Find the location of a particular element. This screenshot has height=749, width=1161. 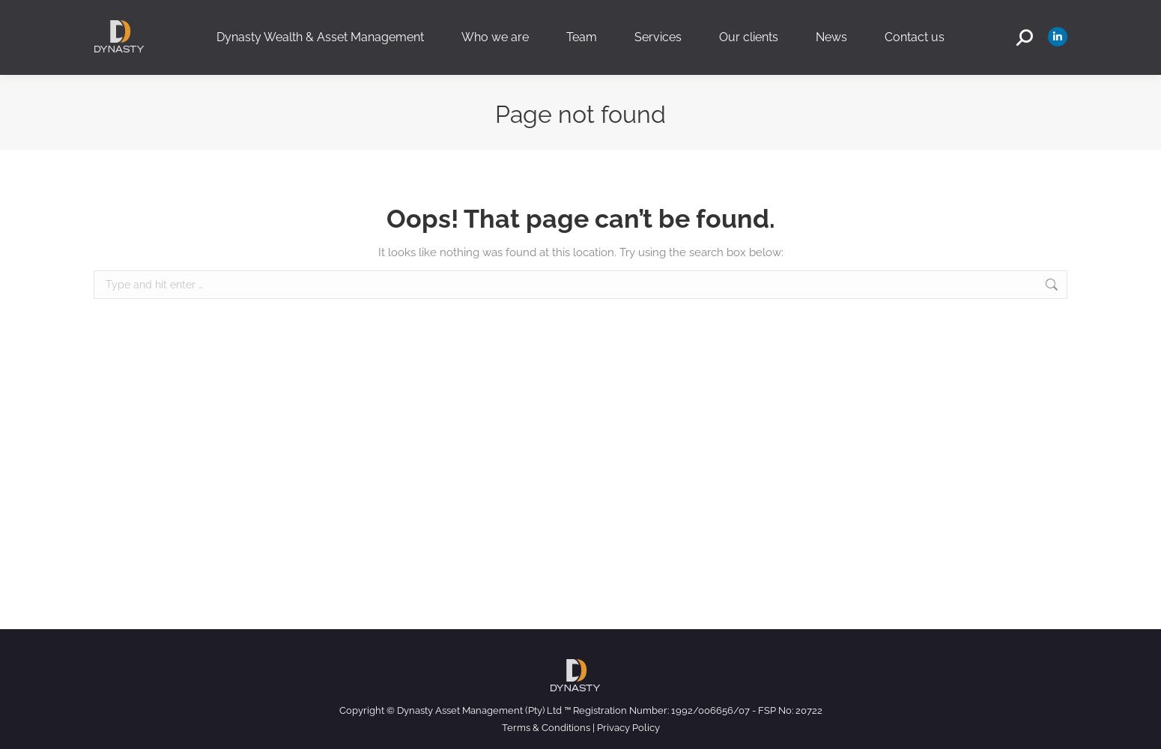

'Page not found' is located at coordinates (580, 113).